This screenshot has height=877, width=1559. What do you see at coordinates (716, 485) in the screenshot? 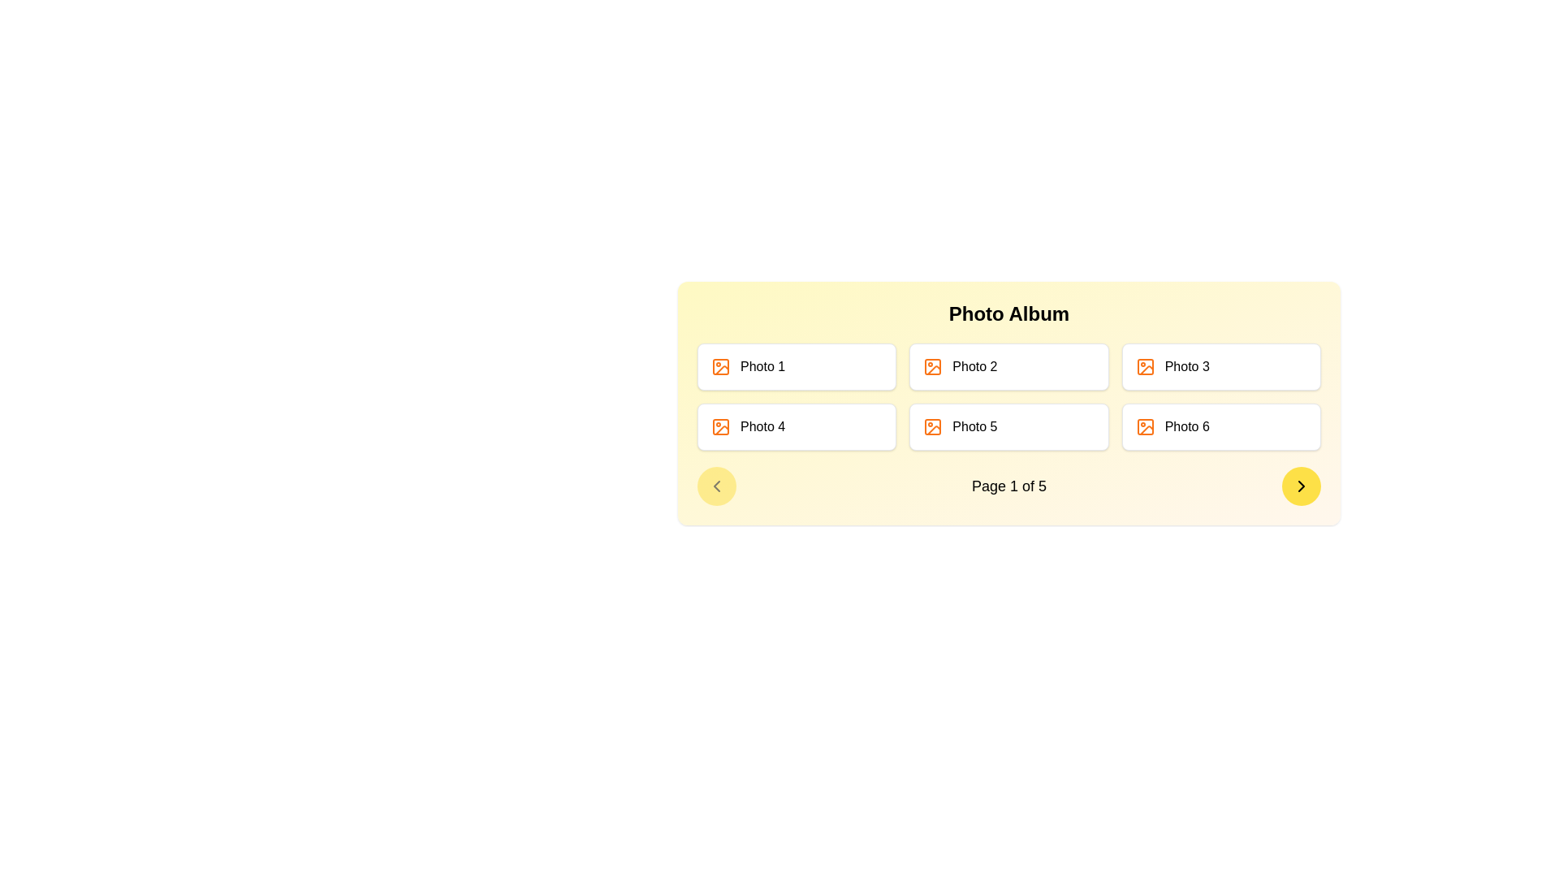
I see `the Chevron icon located in the bottom-left corner of the photo album interface` at bounding box center [716, 485].